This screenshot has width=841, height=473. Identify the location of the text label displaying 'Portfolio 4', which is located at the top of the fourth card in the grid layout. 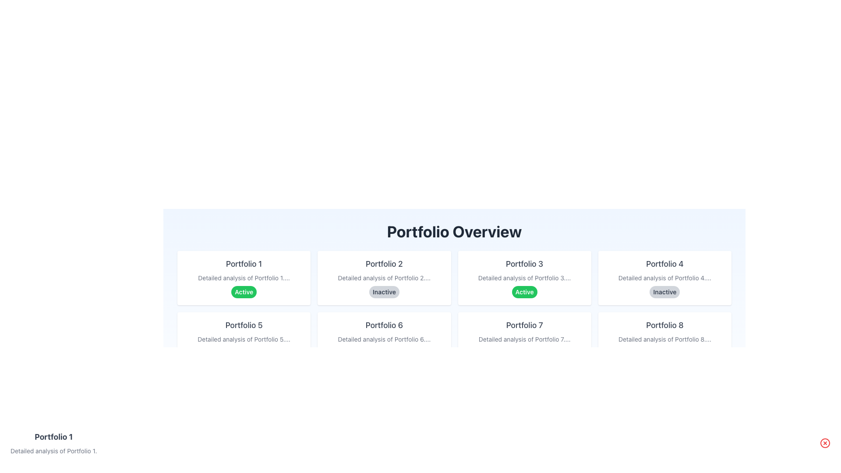
(664, 263).